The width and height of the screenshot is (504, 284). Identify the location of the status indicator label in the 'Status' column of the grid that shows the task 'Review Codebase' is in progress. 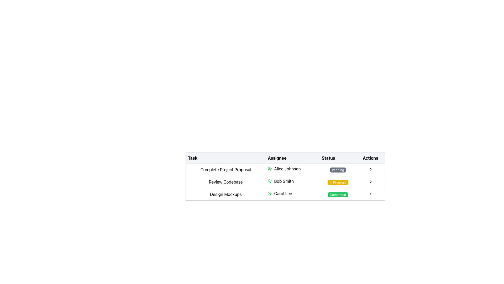
(338, 182).